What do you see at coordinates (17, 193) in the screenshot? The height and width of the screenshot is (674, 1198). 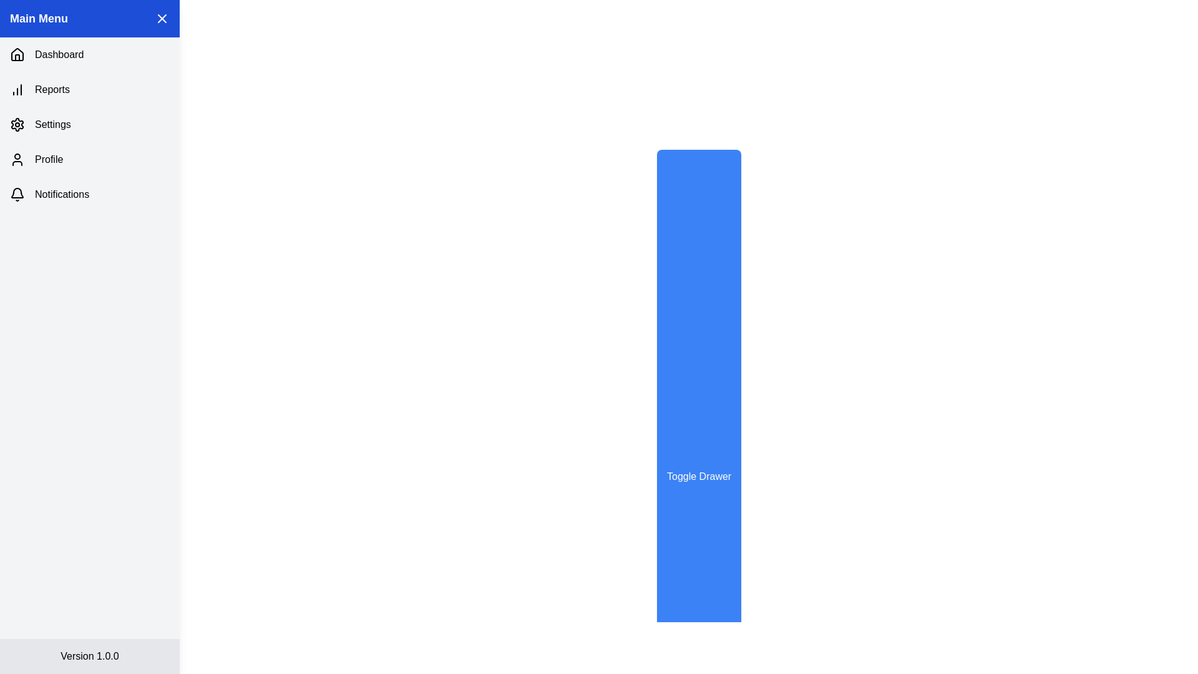 I see `the bell-shaped notification icon in the navigation menu` at bounding box center [17, 193].